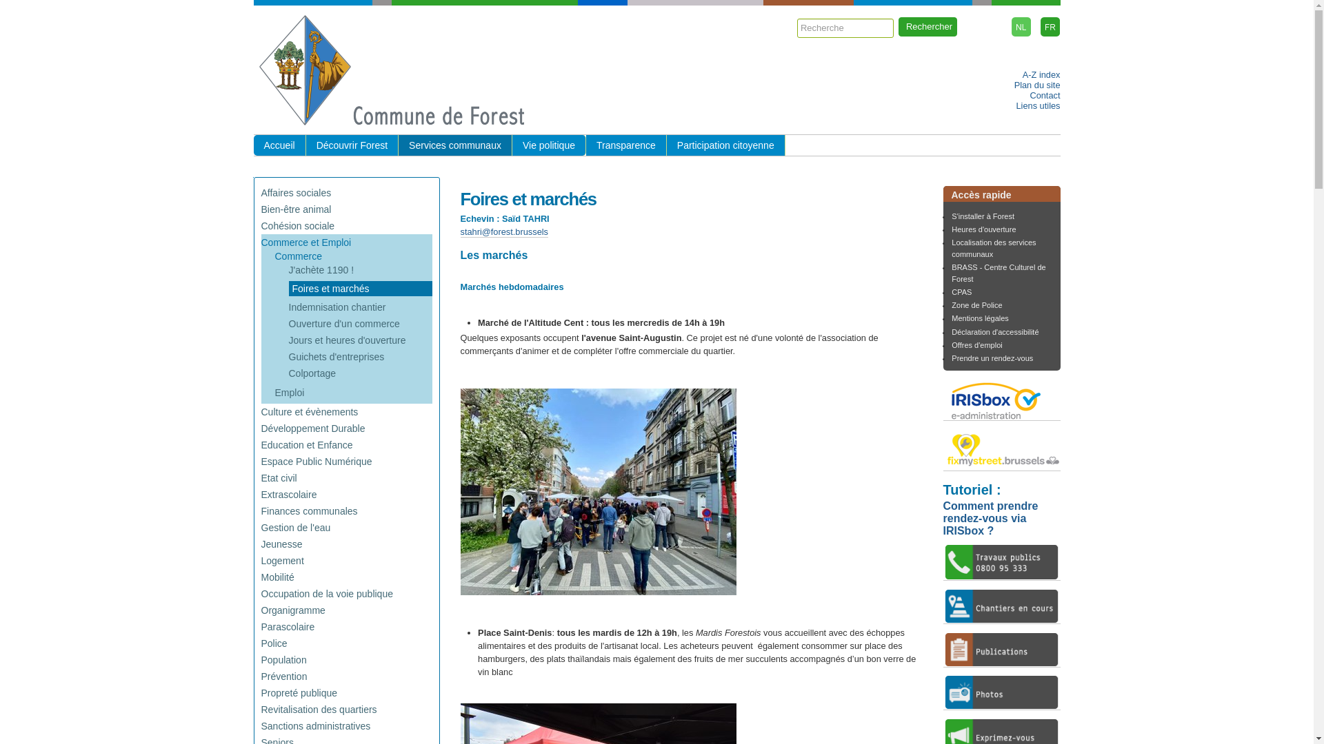 The width and height of the screenshot is (1324, 744). What do you see at coordinates (288, 493) in the screenshot?
I see `'Extrascolaire'` at bounding box center [288, 493].